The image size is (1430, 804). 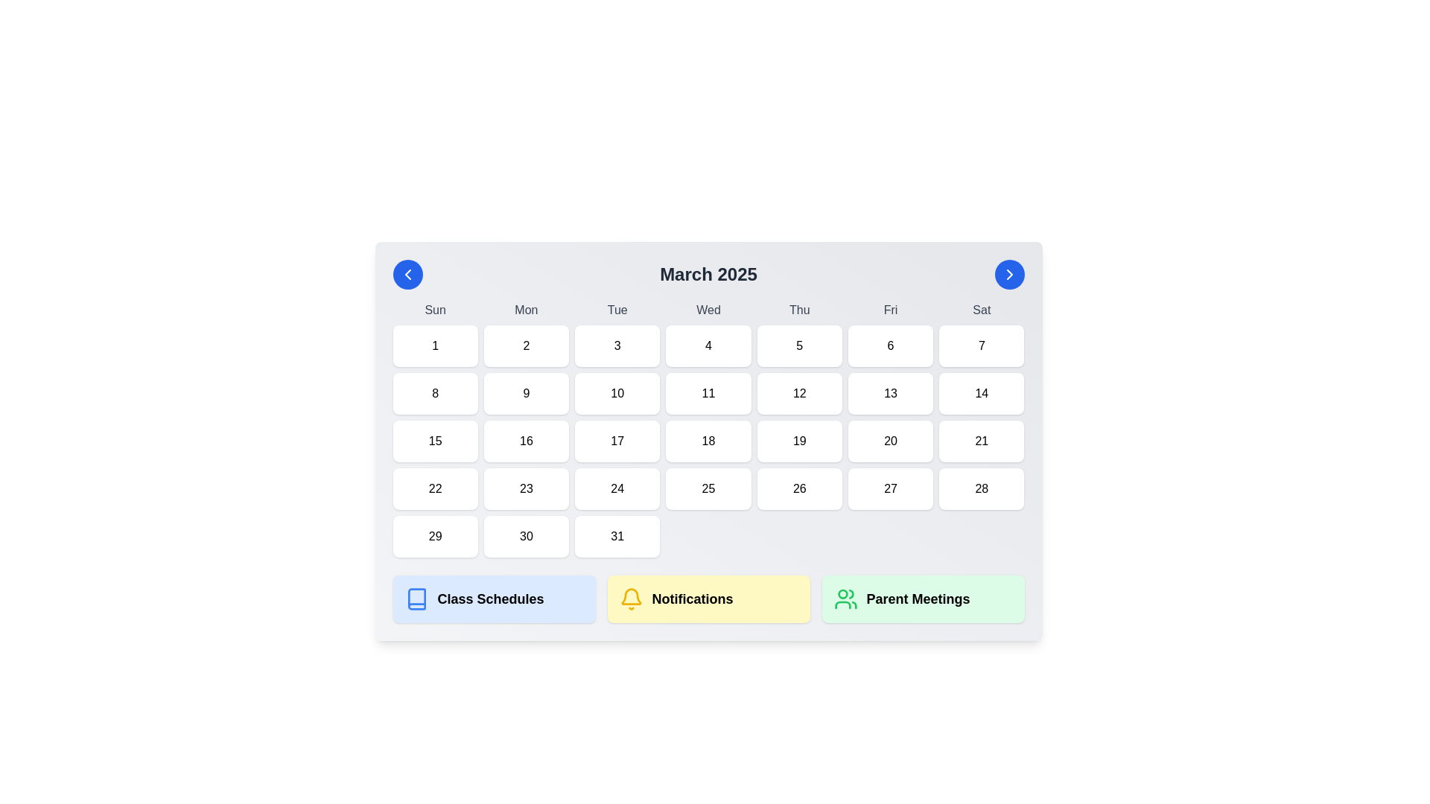 I want to click on the Text label representing Tuesday in the calendar layout, which is the third text item between 'Mon' and 'Wed', so click(x=617, y=309).